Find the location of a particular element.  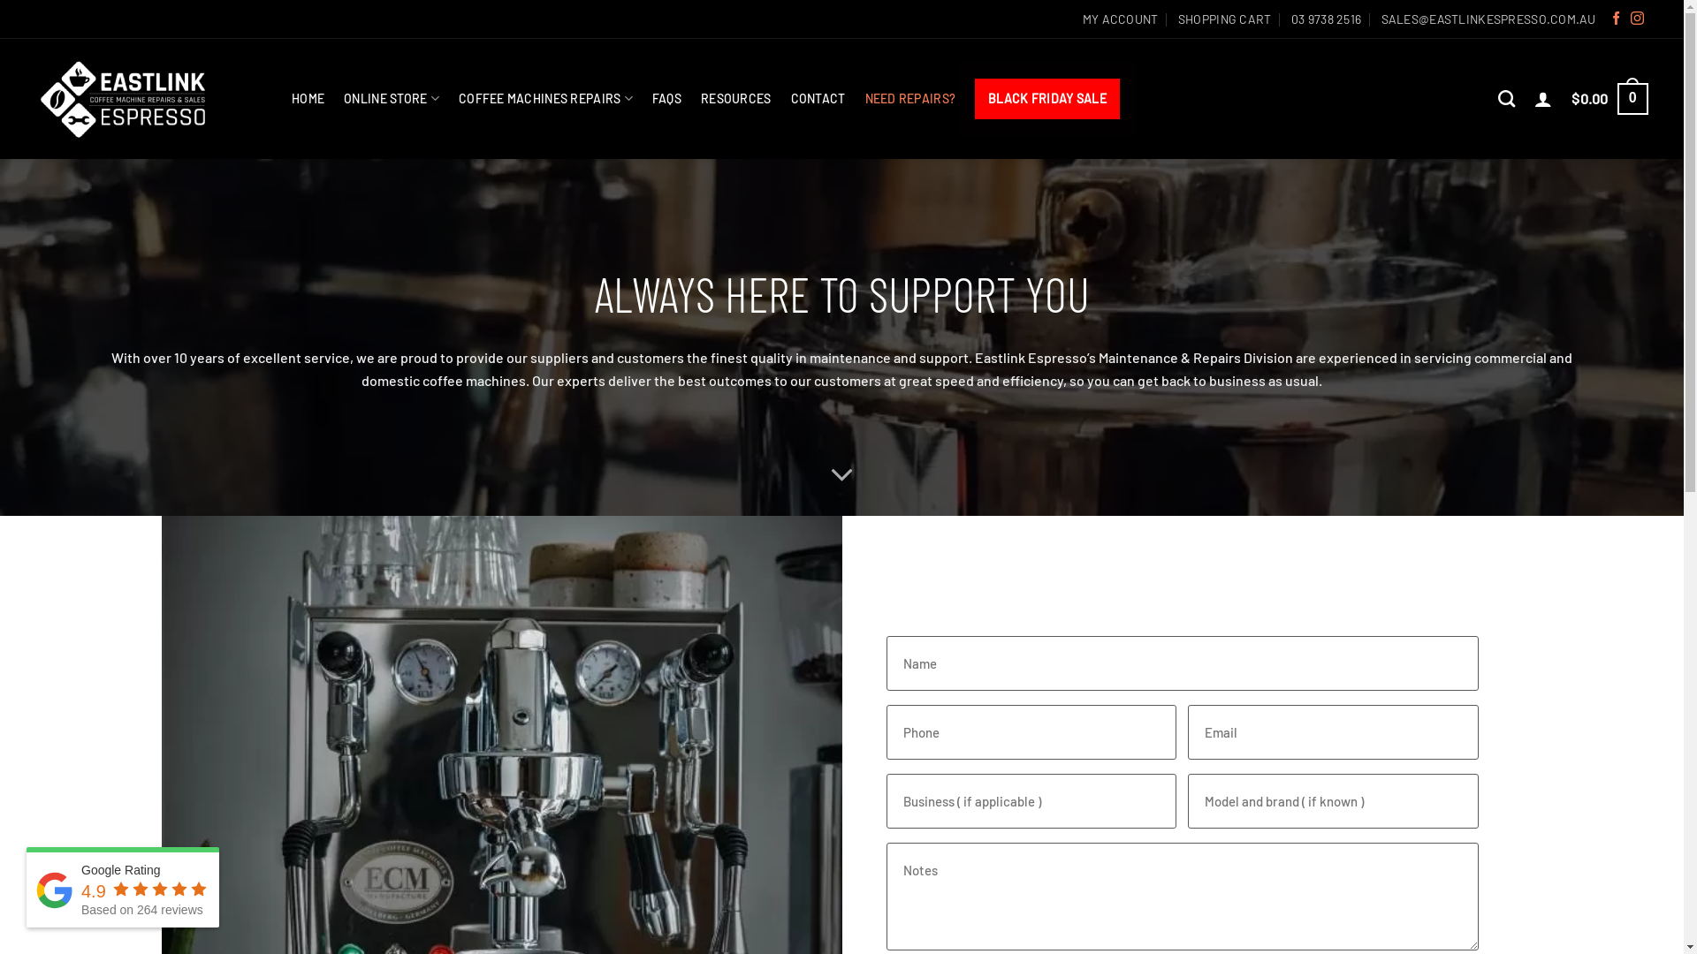

'COFFEE MACHINES REPAIRS' is located at coordinates (544, 98).